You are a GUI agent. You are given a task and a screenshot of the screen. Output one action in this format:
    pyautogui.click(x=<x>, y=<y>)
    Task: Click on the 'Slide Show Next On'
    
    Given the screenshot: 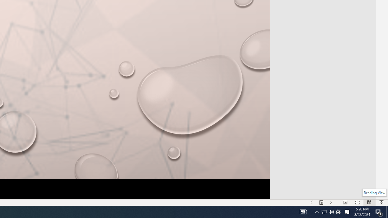 What is the action you would take?
    pyautogui.click(x=331, y=203)
    